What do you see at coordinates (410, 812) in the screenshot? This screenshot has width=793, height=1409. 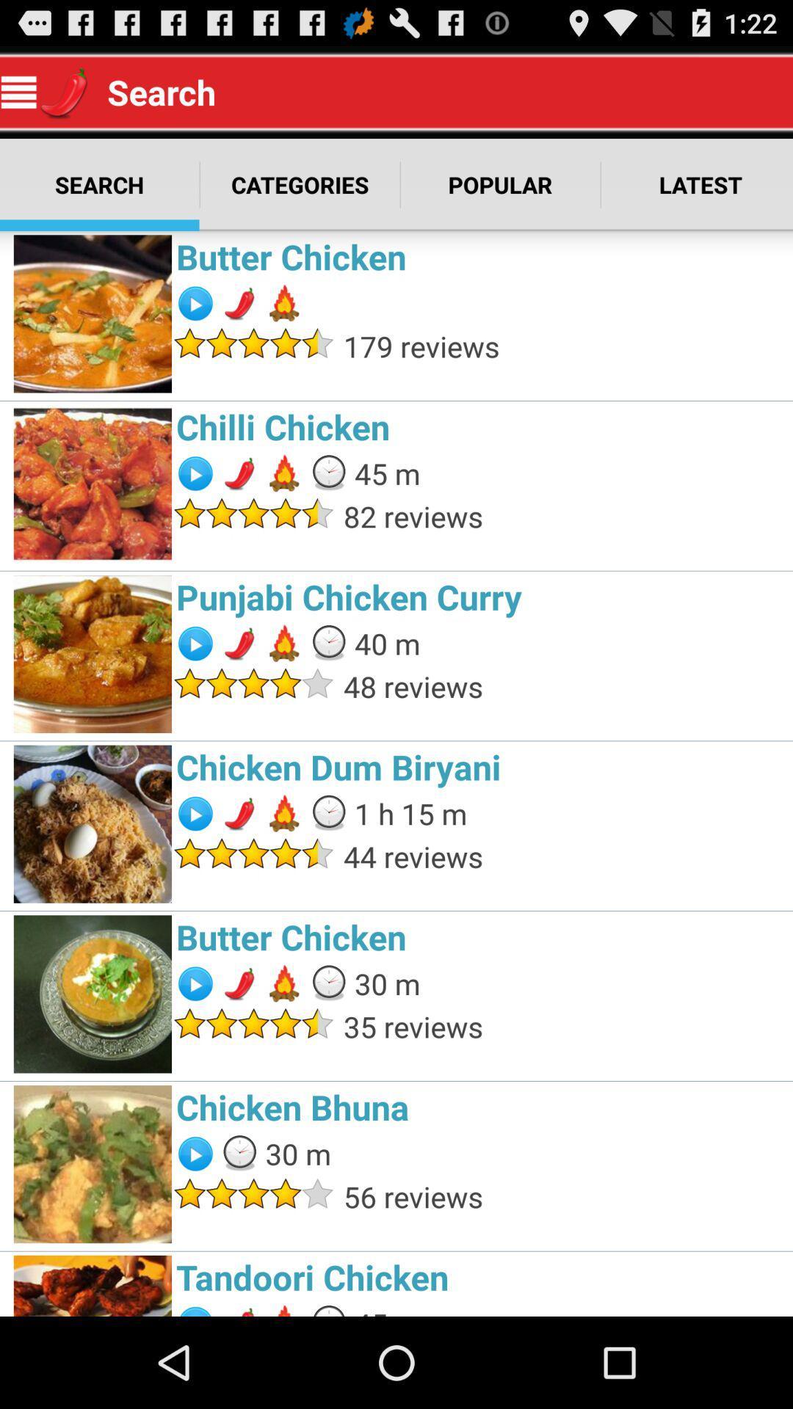 I see `the icon below the chicken dum biryani app` at bounding box center [410, 812].